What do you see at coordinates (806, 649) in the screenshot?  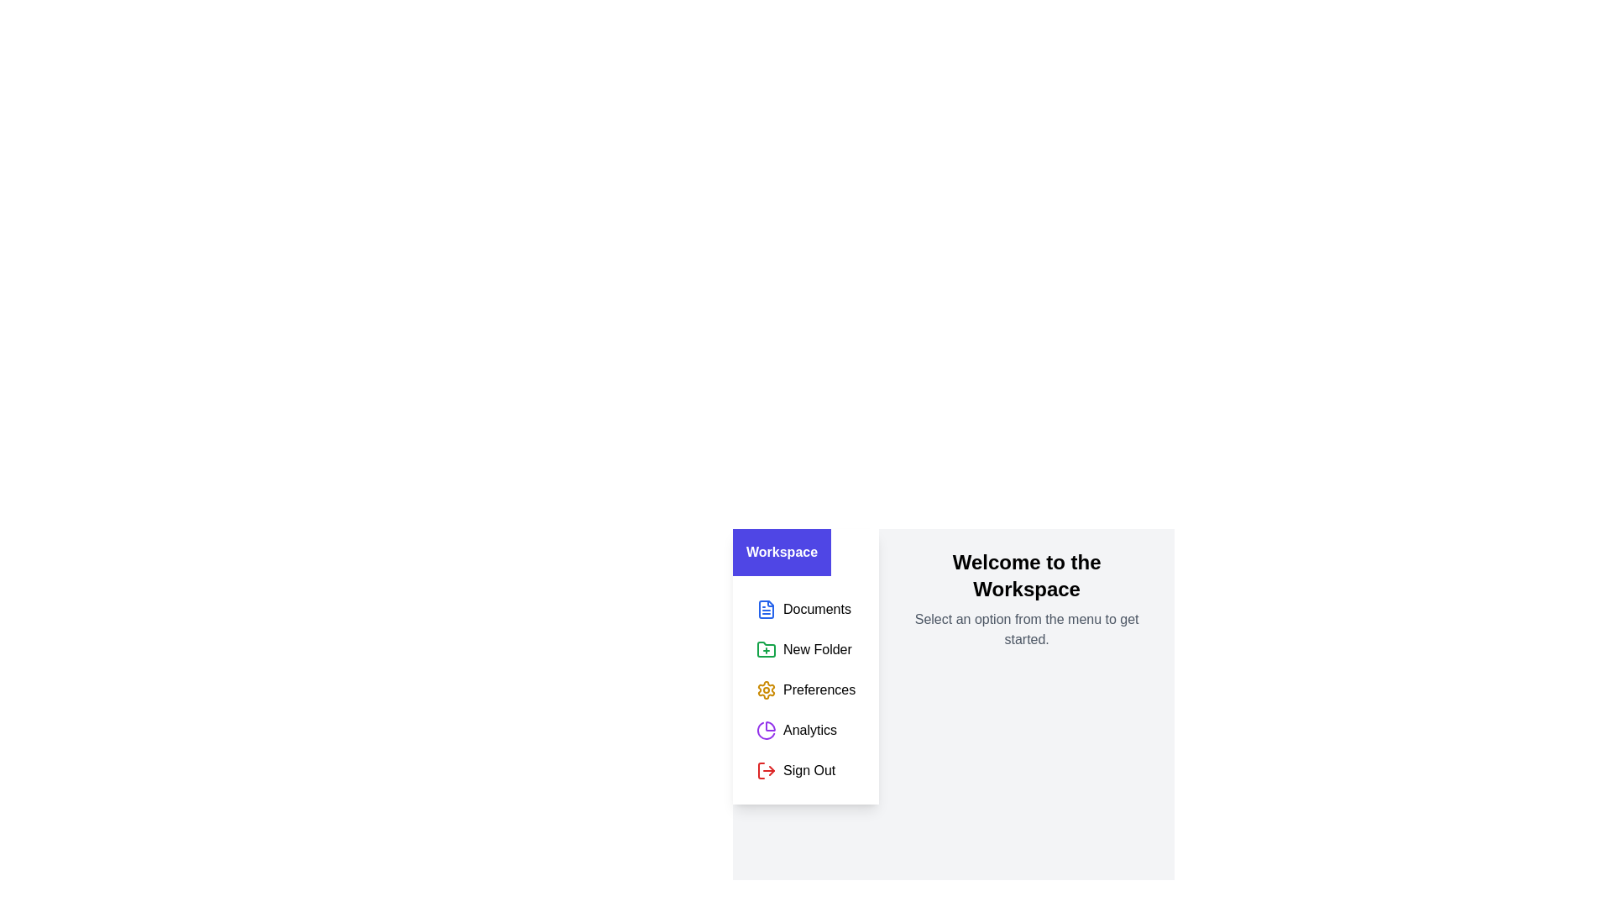 I see `the menu item corresponding to New Folder` at bounding box center [806, 649].